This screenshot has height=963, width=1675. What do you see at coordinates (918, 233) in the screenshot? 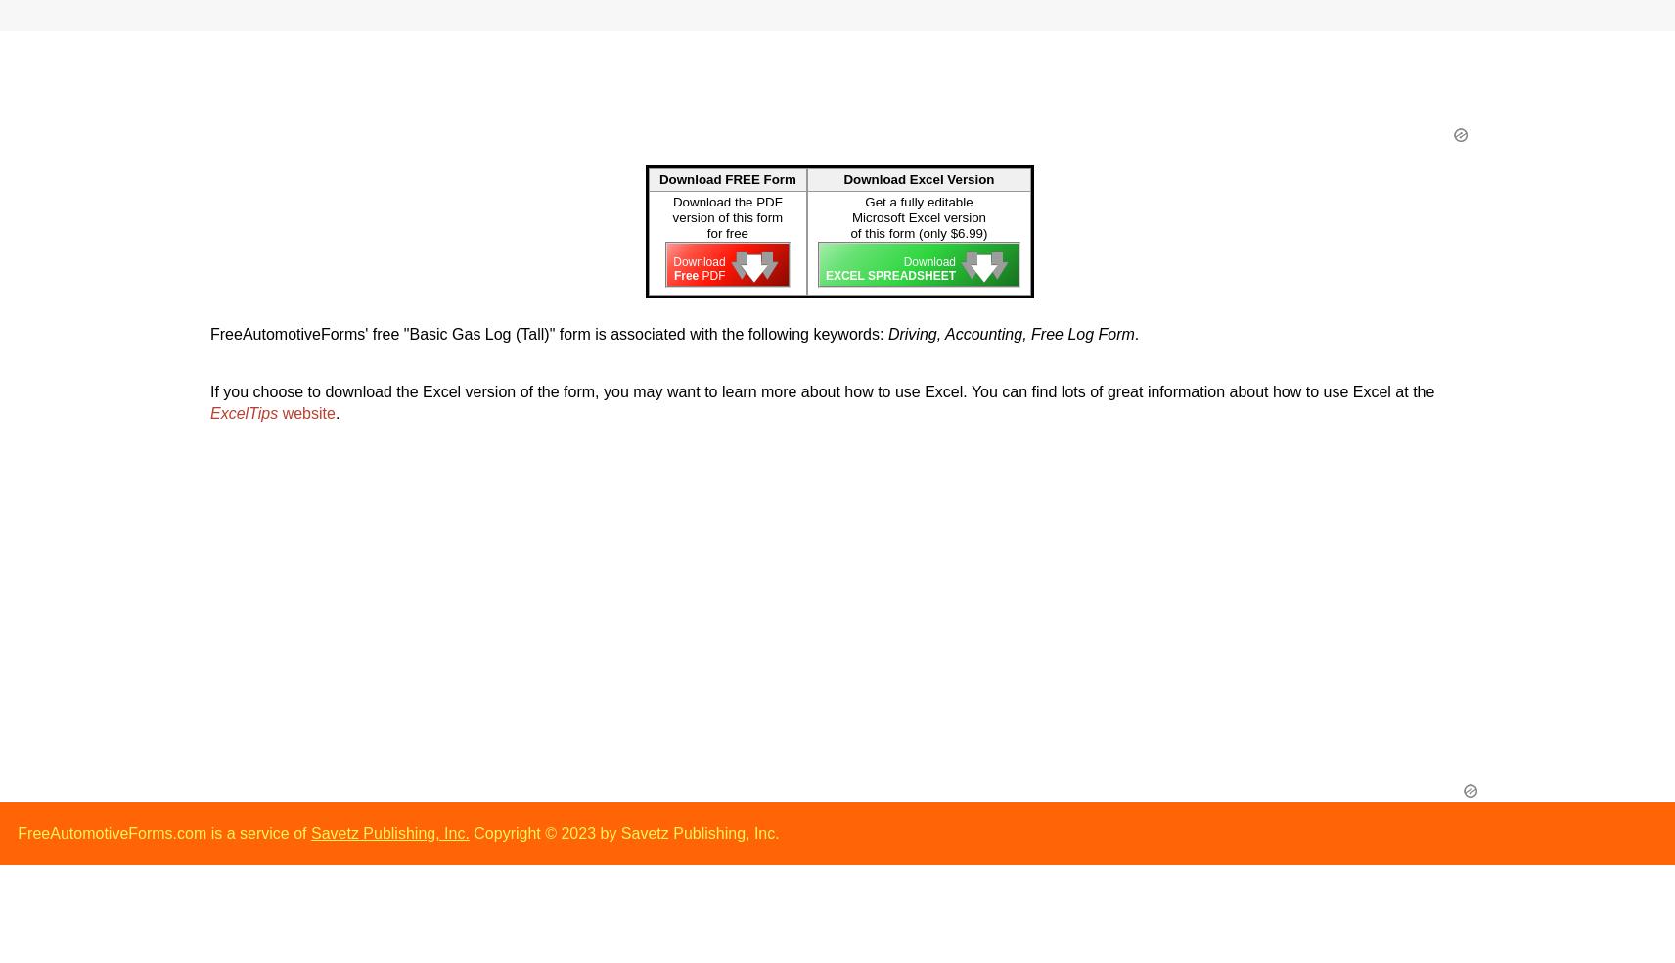
I see `'of this form (only $6.99)'` at bounding box center [918, 233].